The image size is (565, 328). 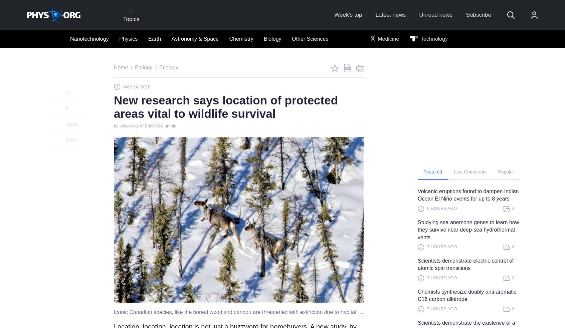 What do you see at coordinates (387, 38) in the screenshot?
I see `'Medicine'` at bounding box center [387, 38].